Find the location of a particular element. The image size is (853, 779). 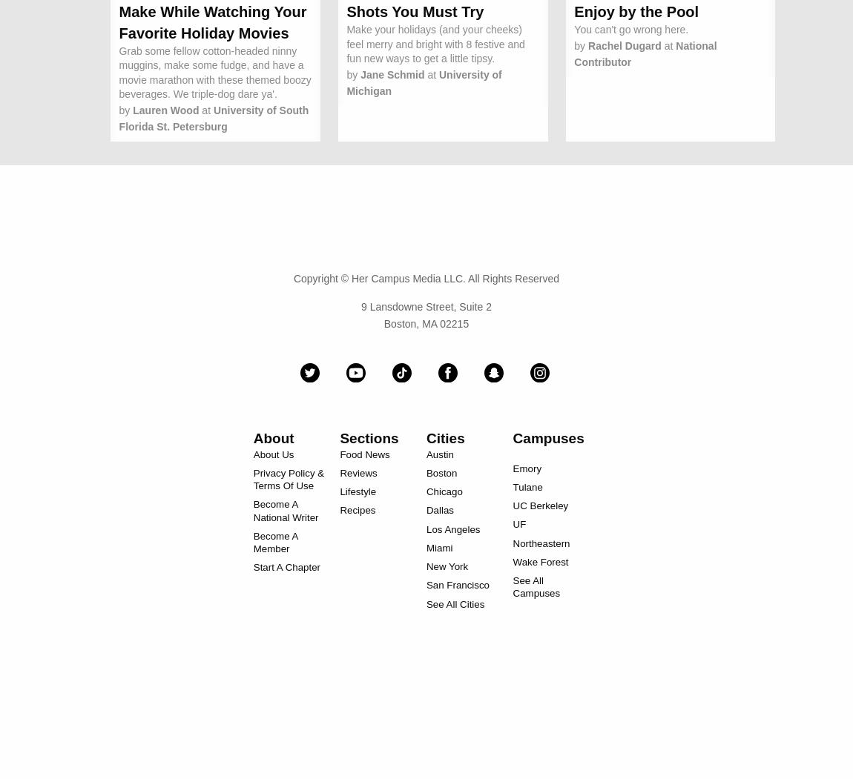

'Lifestyle' is located at coordinates (358, 491).